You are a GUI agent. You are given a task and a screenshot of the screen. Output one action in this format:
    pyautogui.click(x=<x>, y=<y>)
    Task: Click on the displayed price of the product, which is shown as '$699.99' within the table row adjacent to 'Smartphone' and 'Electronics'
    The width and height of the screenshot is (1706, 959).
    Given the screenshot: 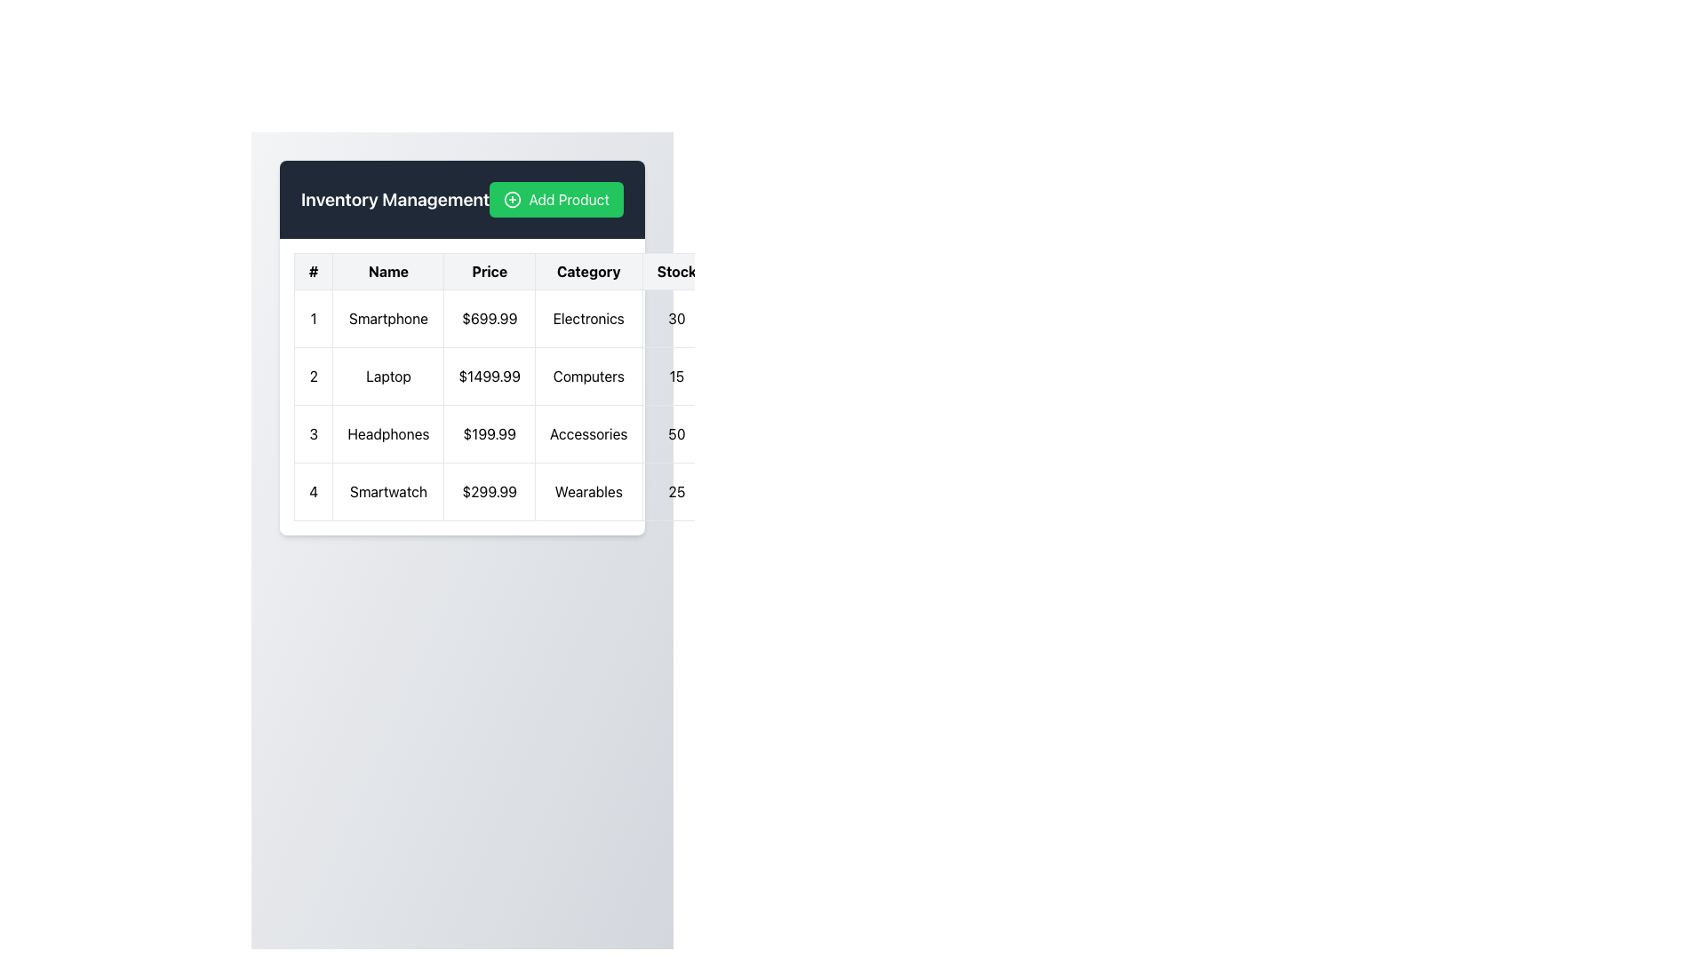 What is the action you would take?
    pyautogui.click(x=490, y=317)
    